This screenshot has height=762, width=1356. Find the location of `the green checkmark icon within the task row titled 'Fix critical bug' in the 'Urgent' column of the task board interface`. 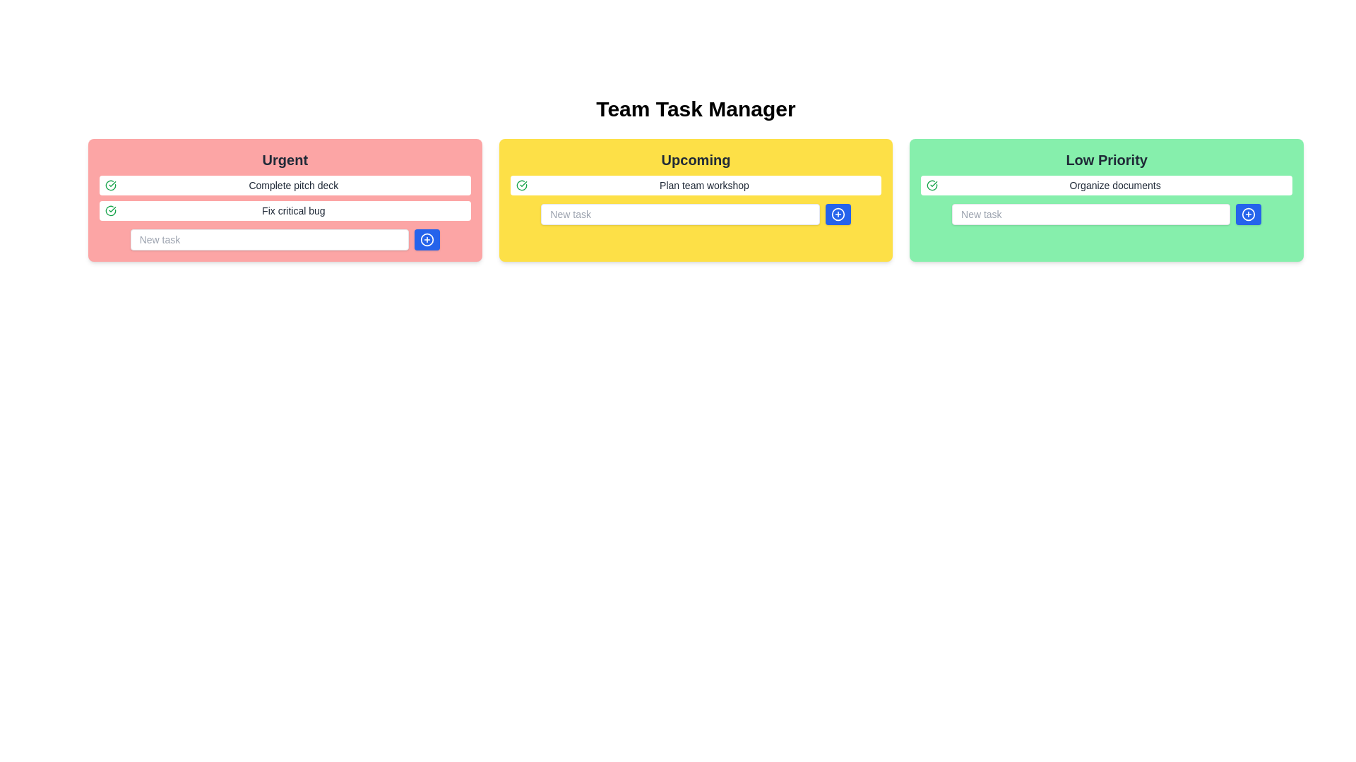

the green checkmark icon within the task row titled 'Fix critical bug' in the 'Urgent' column of the task board interface is located at coordinates (110, 211).